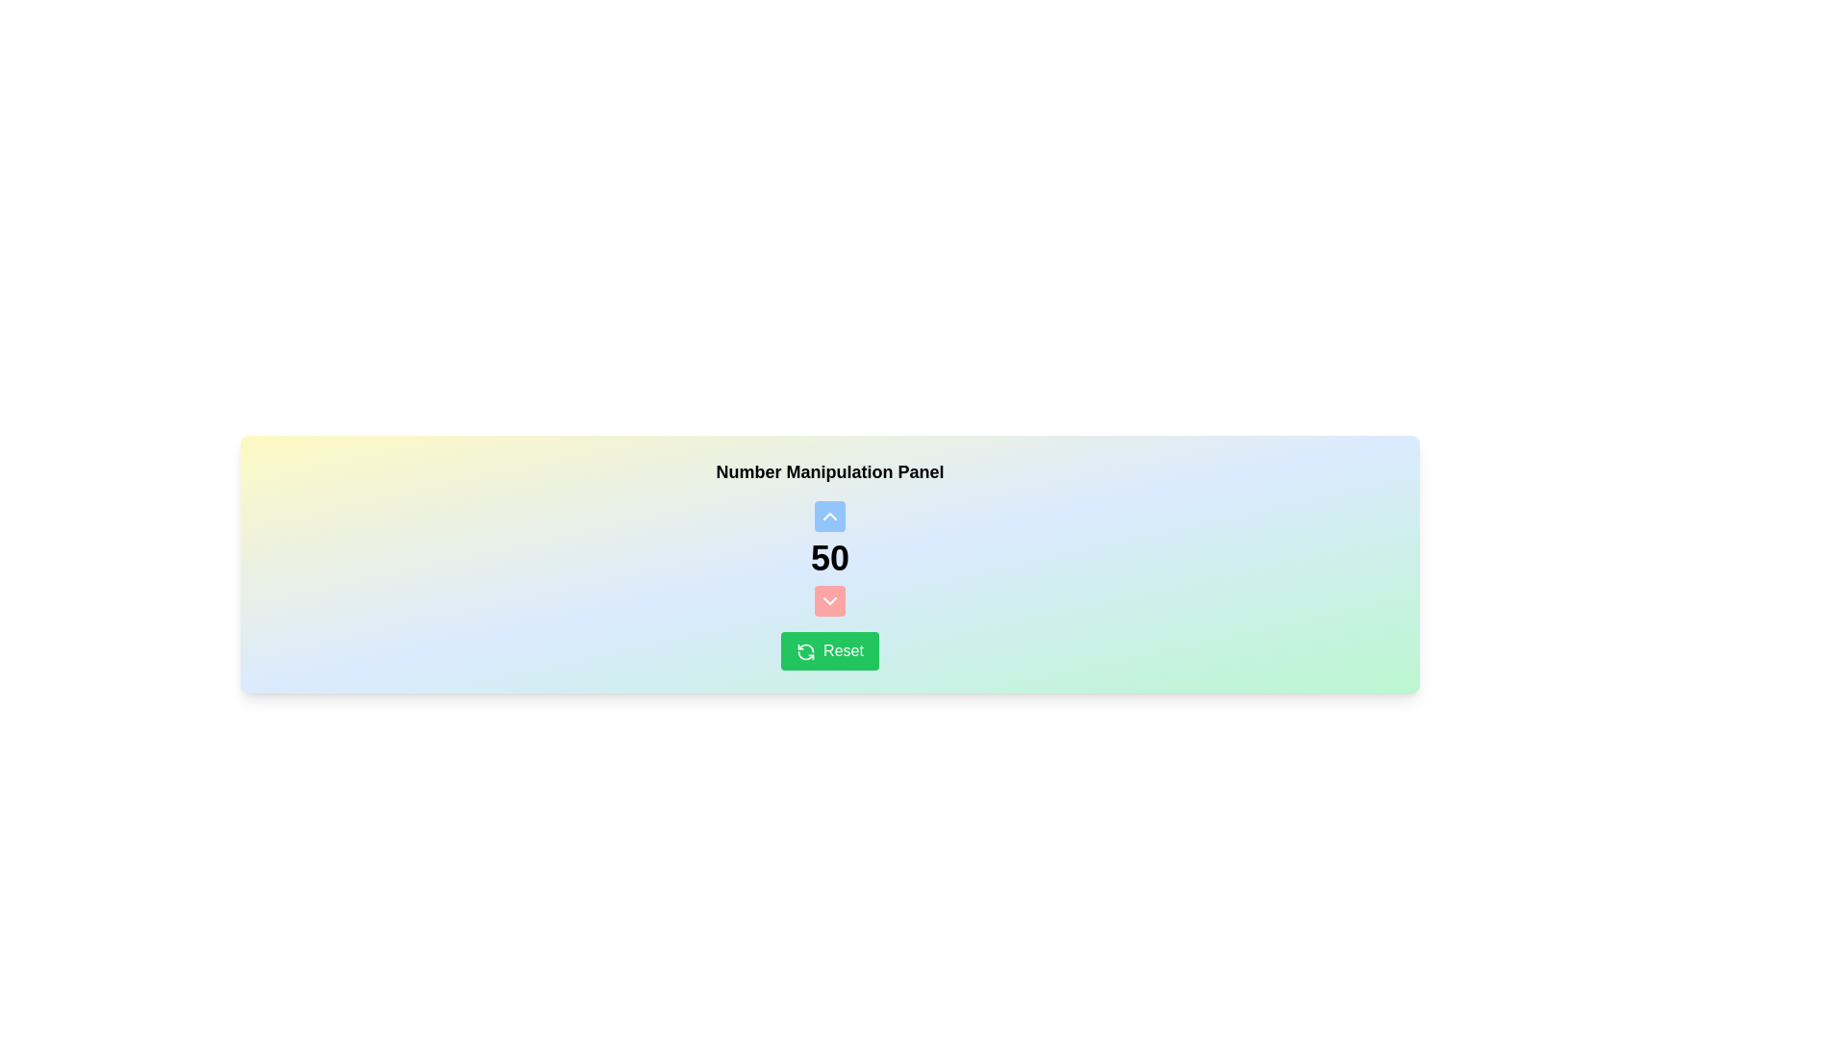  I want to click on the light blue square button with rounded corners and an upward-facing chevron icon, located above the number display '50' and below the header 'Number Manipulation Panel', so click(830, 515).